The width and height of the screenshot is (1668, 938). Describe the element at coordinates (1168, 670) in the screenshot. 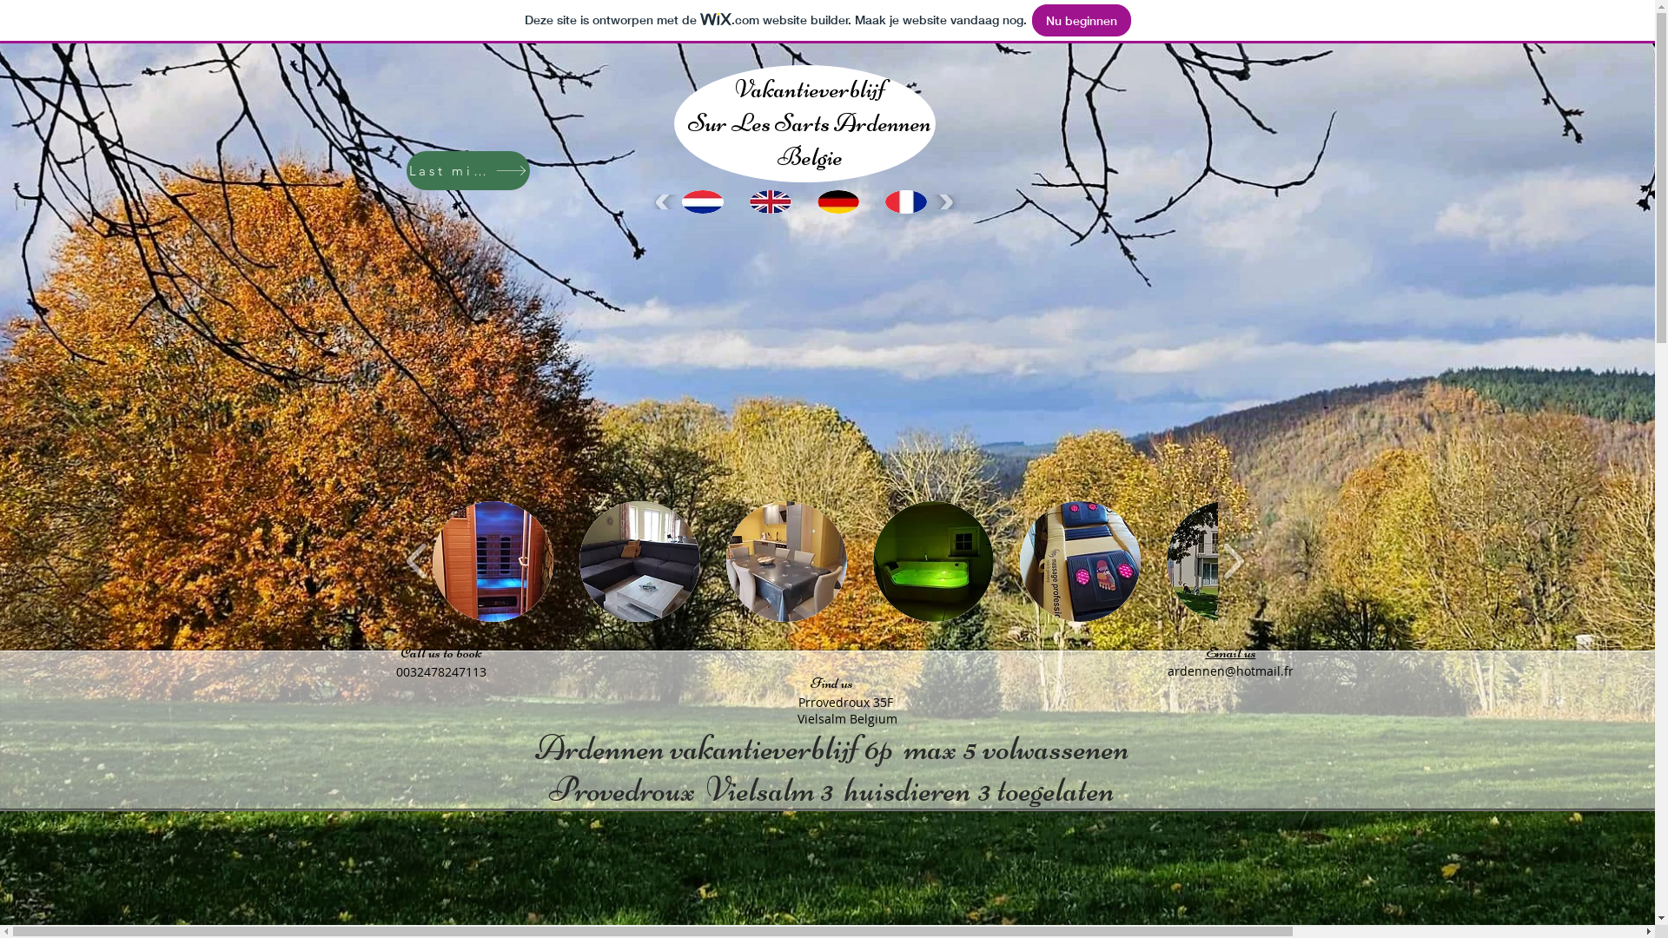

I see `'ardennen@hotmail.fr'` at that location.